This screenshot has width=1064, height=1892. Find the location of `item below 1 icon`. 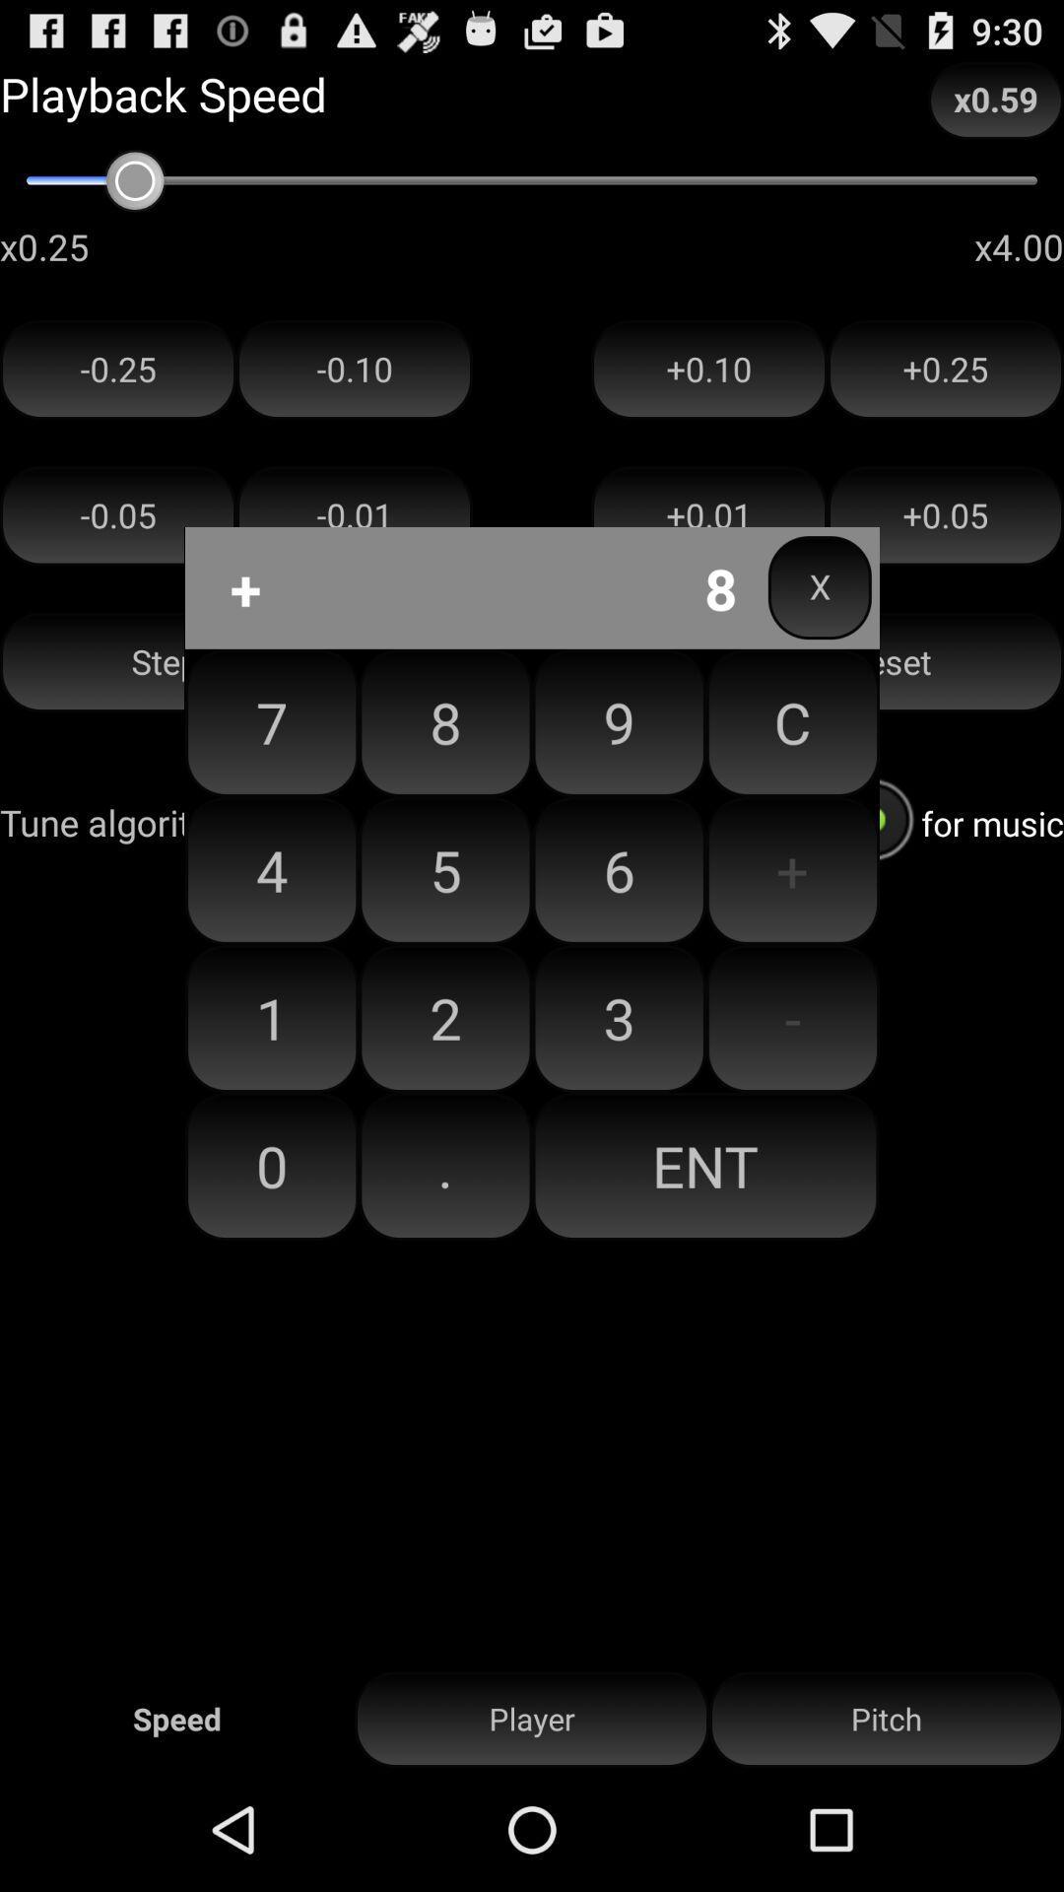

item below 1 icon is located at coordinates (271, 1166).